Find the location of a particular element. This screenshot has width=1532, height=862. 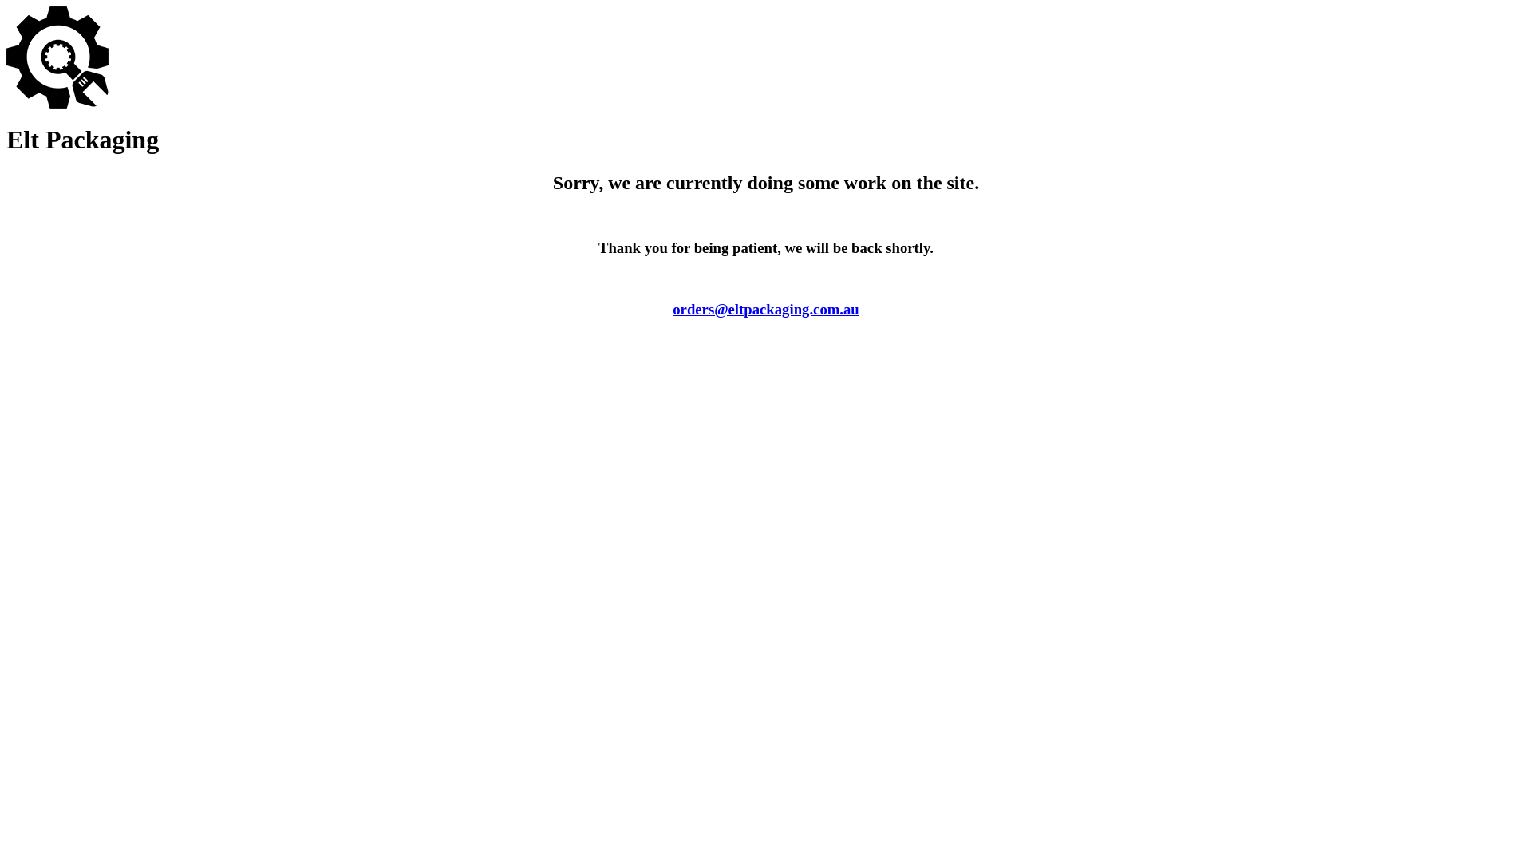

'orders@eltpackaging.com.au' is located at coordinates (766, 309).